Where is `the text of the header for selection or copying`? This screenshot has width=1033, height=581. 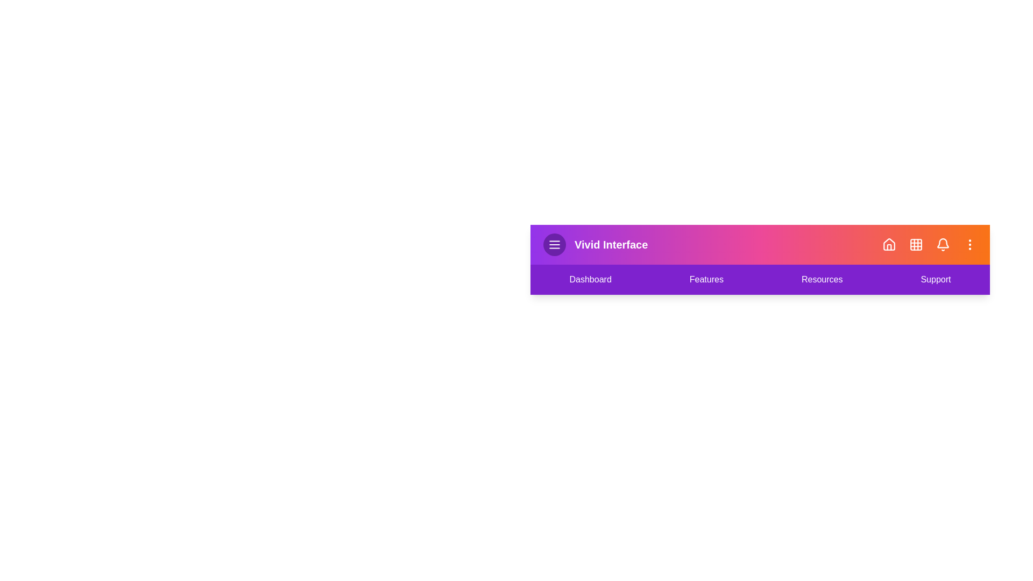
the text of the header for selection or copying is located at coordinates (574, 236).